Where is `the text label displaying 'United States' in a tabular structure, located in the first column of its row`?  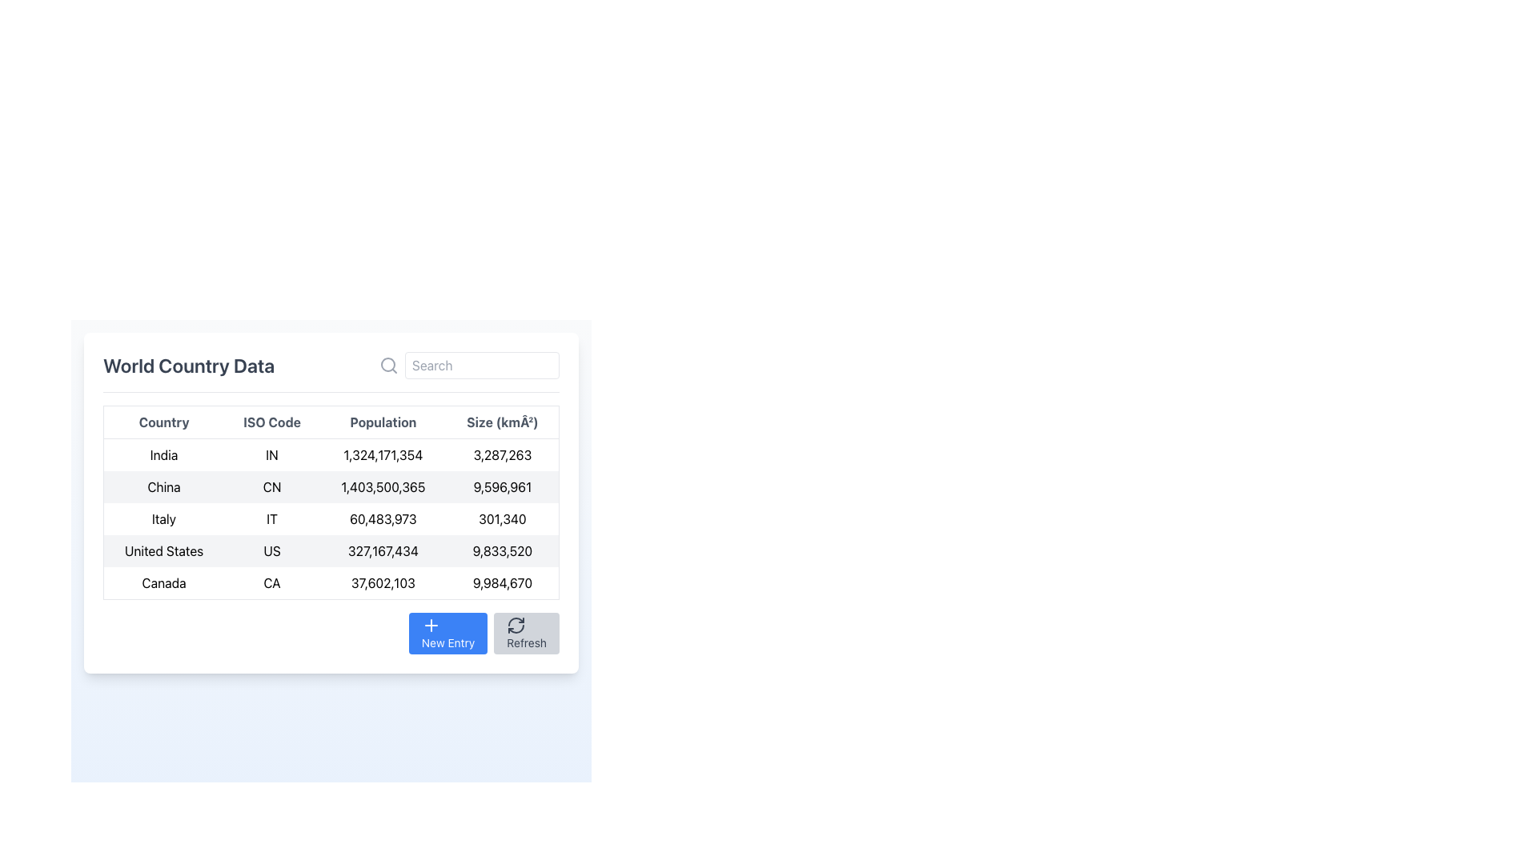
the text label displaying 'United States' in a tabular structure, located in the first column of its row is located at coordinates (163, 550).